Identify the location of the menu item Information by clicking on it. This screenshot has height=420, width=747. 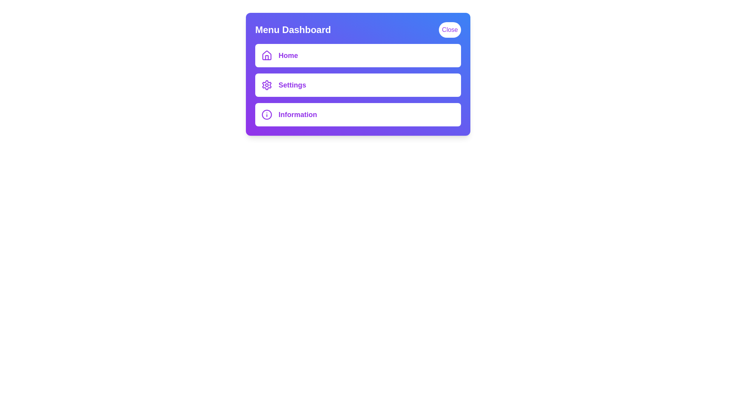
(358, 114).